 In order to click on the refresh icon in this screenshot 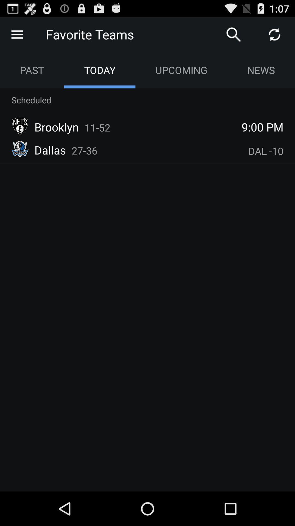, I will do `click(275, 36)`.